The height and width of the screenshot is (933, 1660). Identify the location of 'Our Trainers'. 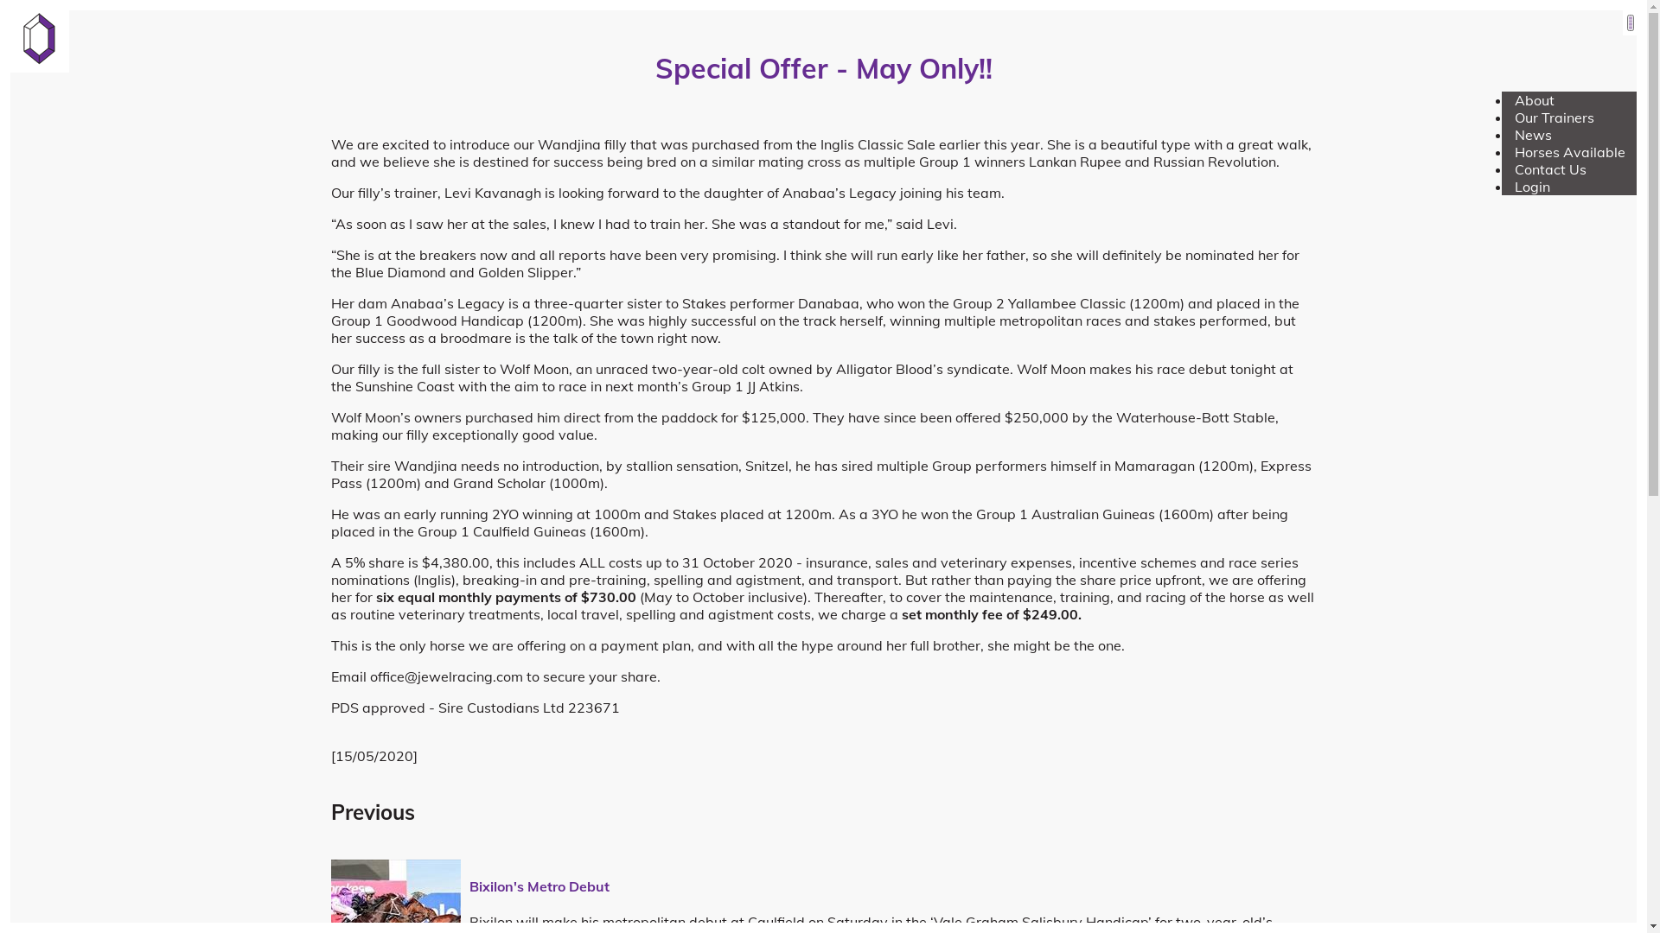
(1555, 117).